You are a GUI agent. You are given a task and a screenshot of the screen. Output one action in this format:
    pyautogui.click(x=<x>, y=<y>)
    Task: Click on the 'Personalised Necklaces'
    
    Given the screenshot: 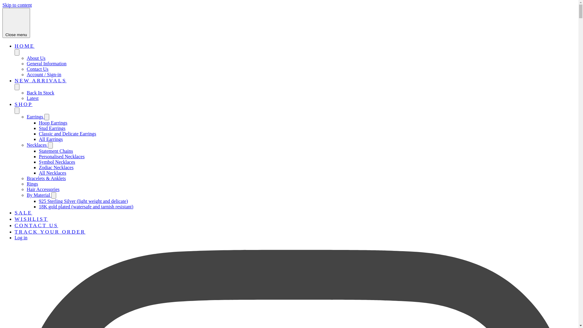 What is the action you would take?
    pyautogui.click(x=39, y=156)
    